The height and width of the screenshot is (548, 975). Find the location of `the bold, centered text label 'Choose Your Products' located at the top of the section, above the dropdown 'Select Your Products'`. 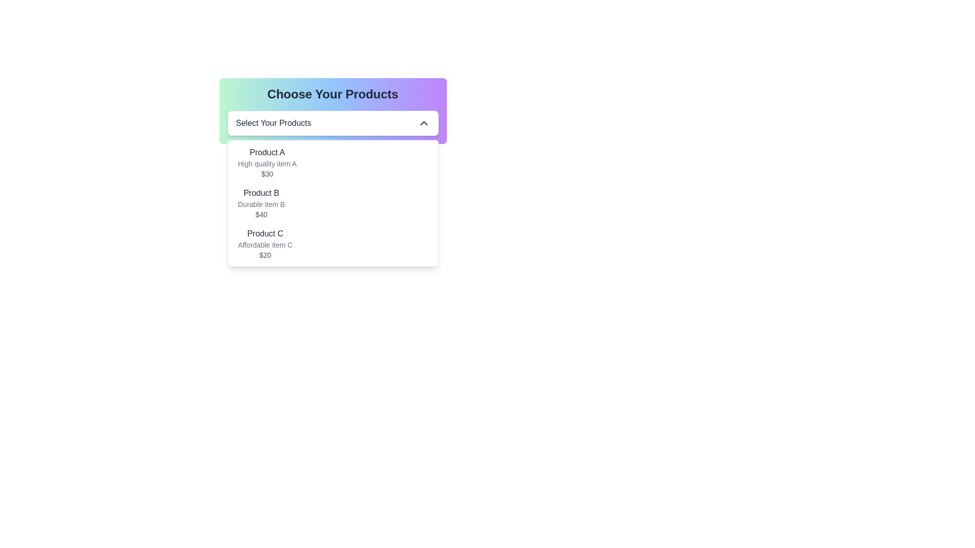

the bold, centered text label 'Choose Your Products' located at the top of the section, above the dropdown 'Select Your Products' is located at coordinates (333, 94).